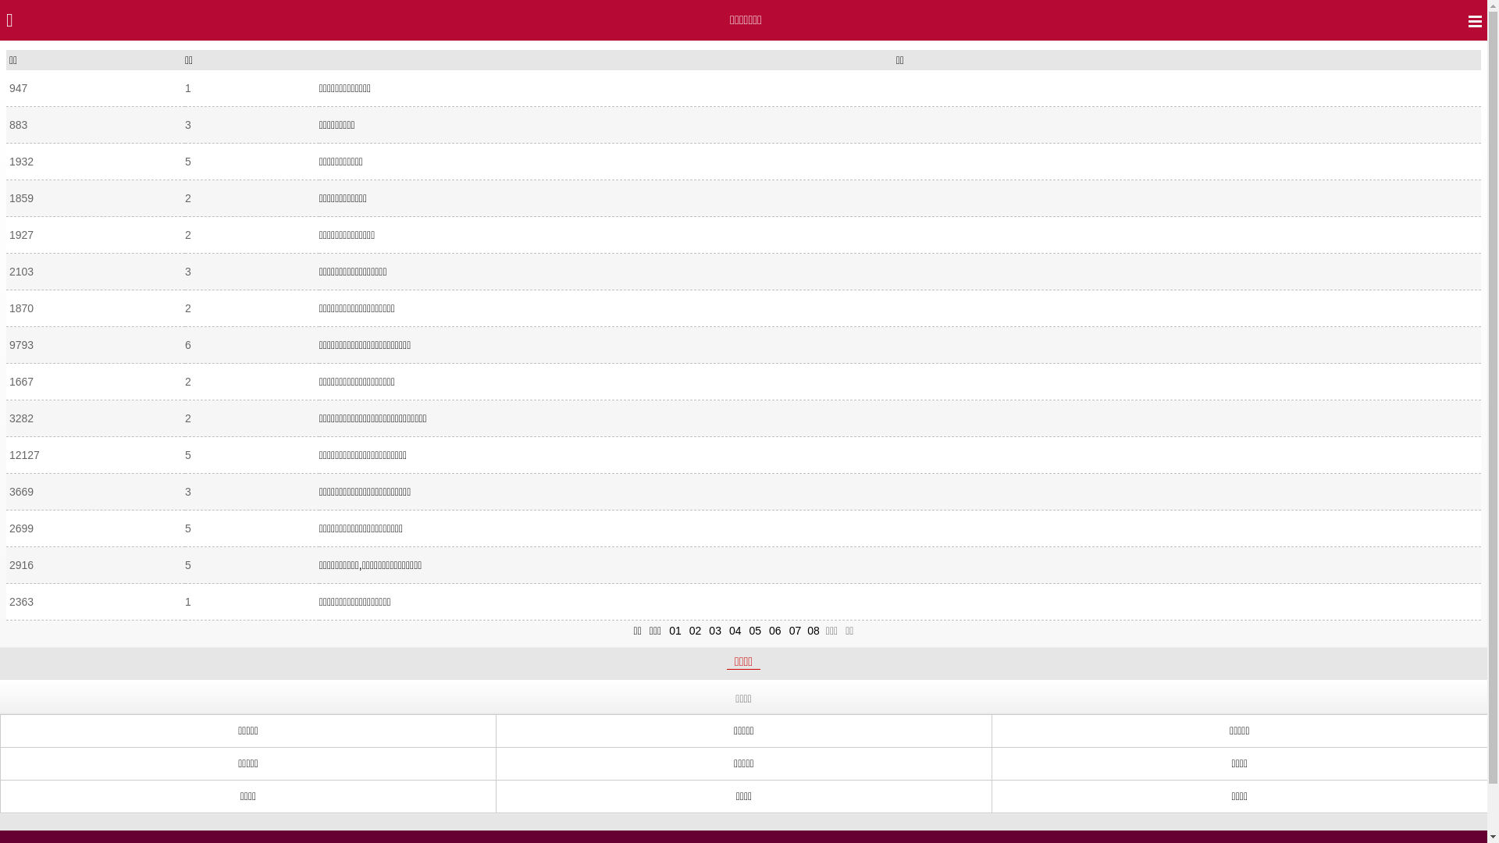 The height and width of the screenshot is (843, 1499). Describe the element at coordinates (689, 629) in the screenshot. I see `'02'` at that location.